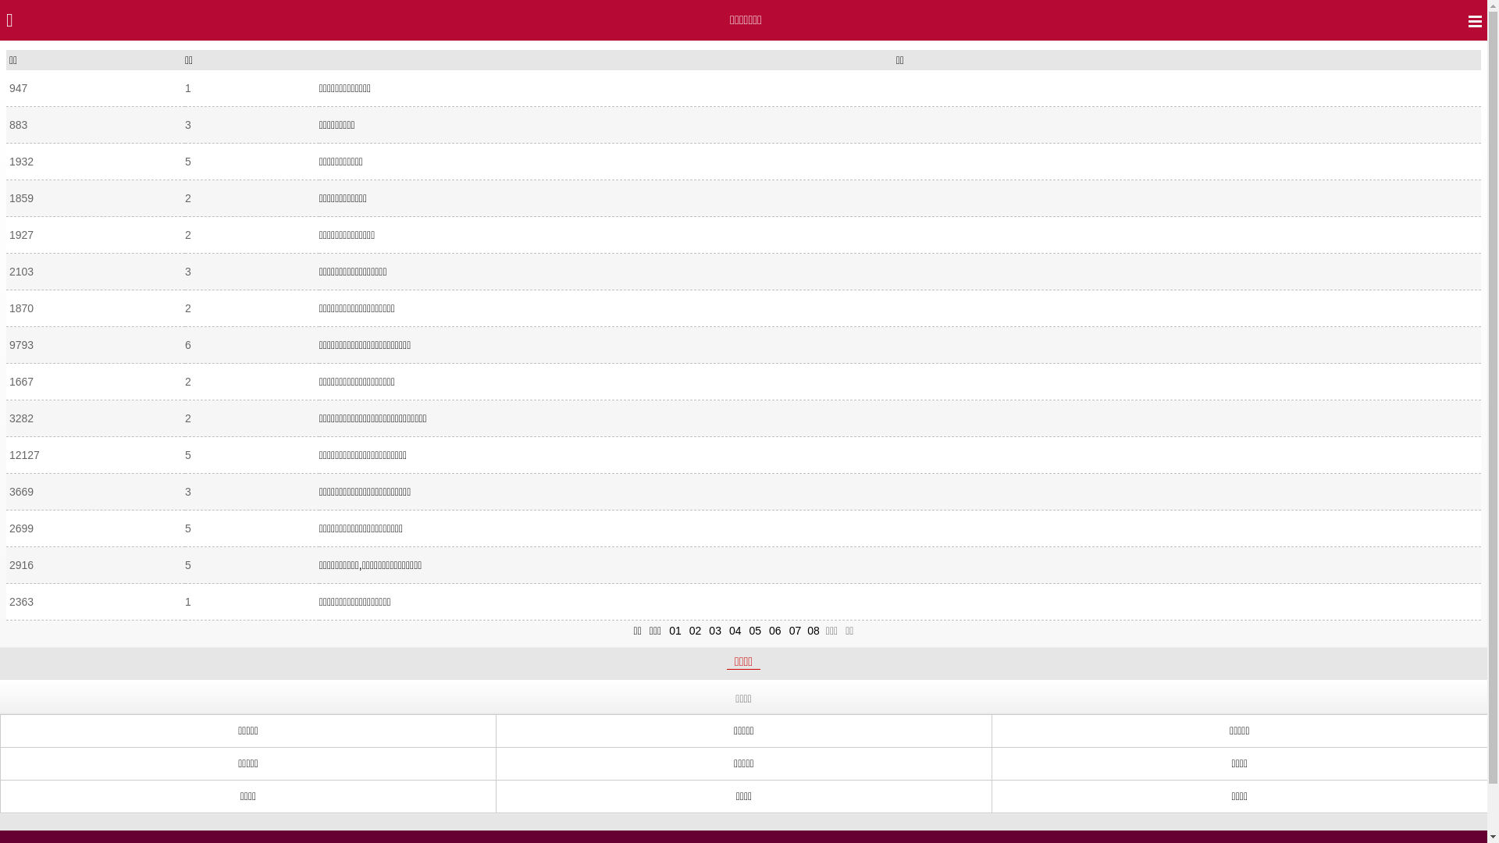 The height and width of the screenshot is (843, 1499). Describe the element at coordinates (689, 629) in the screenshot. I see `'02'` at that location.